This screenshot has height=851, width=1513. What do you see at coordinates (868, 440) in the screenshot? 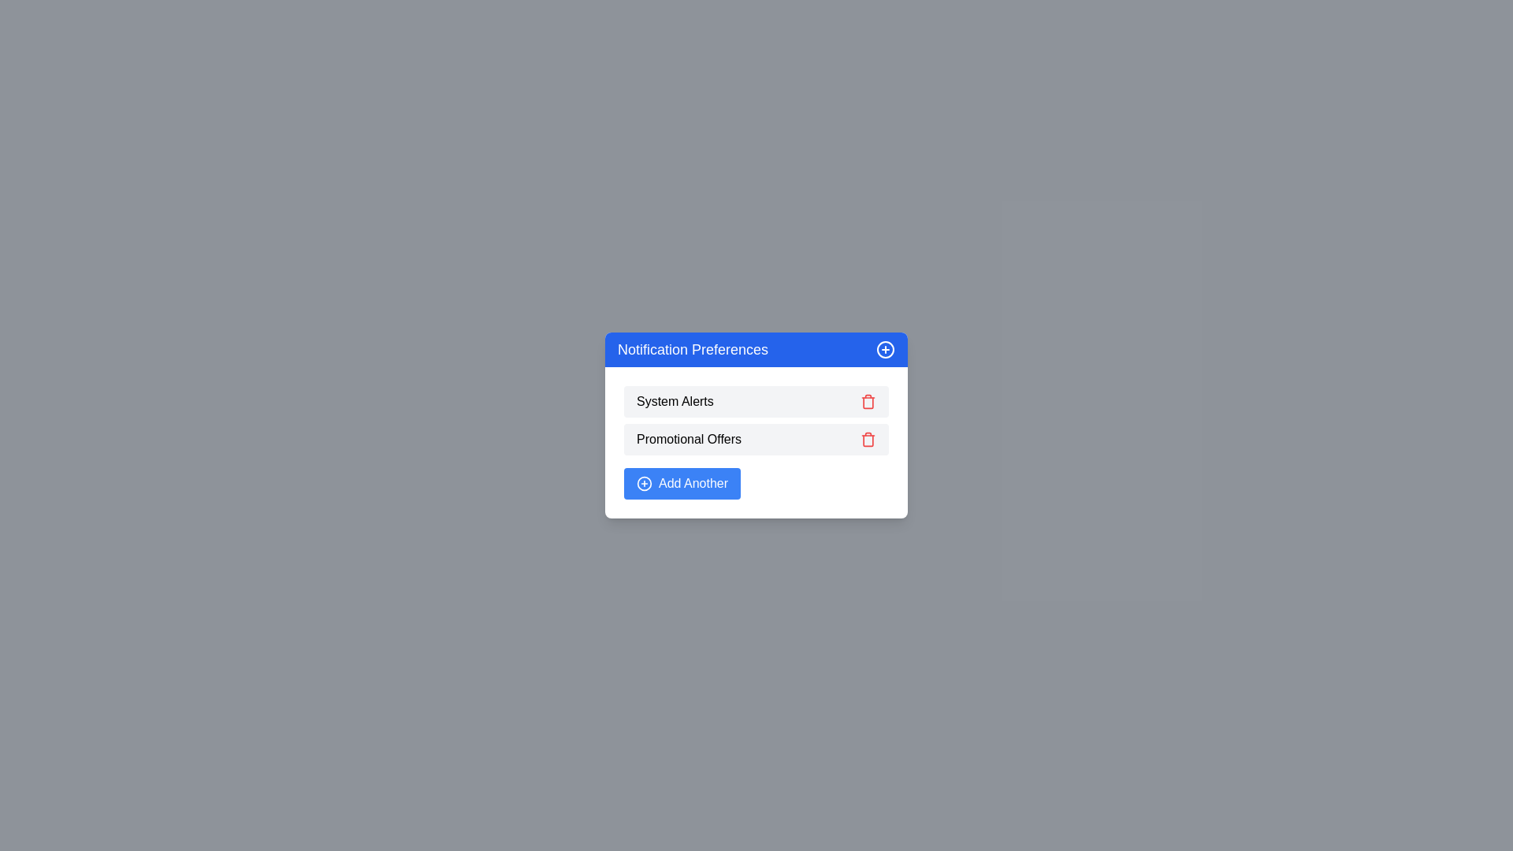
I see `the decorative component representing the main body of the trash bin in the trash icon, located to the right of 'Promotional Offers' in the second row of the list` at bounding box center [868, 440].